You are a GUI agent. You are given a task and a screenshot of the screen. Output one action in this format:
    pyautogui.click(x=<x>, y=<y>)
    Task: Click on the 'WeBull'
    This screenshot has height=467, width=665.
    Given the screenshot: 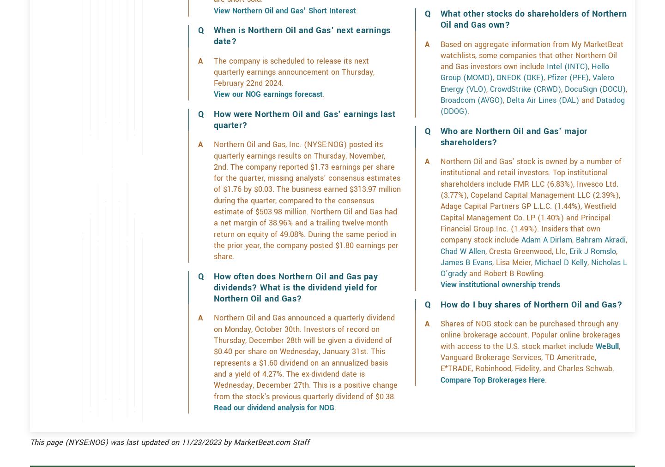 What is the action you would take?
    pyautogui.click(x=607, y=378)
    